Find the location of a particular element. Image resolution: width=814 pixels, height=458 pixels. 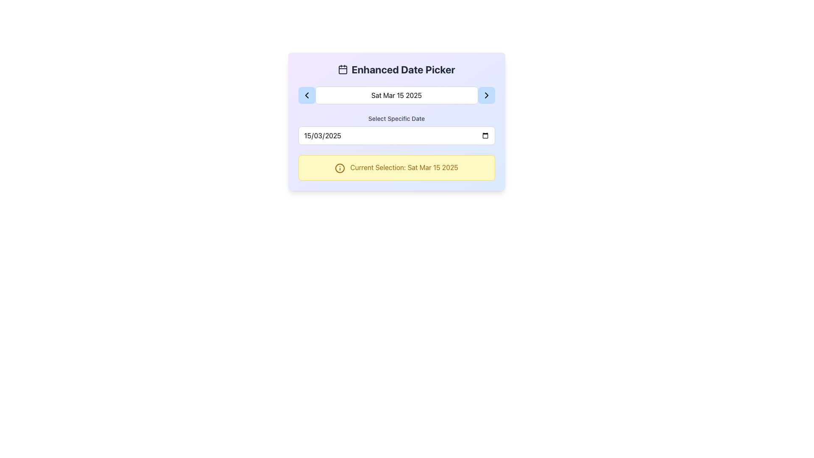

the Date picker input field labeled 'Select Specific Date' is located at coordinates (396, 135).